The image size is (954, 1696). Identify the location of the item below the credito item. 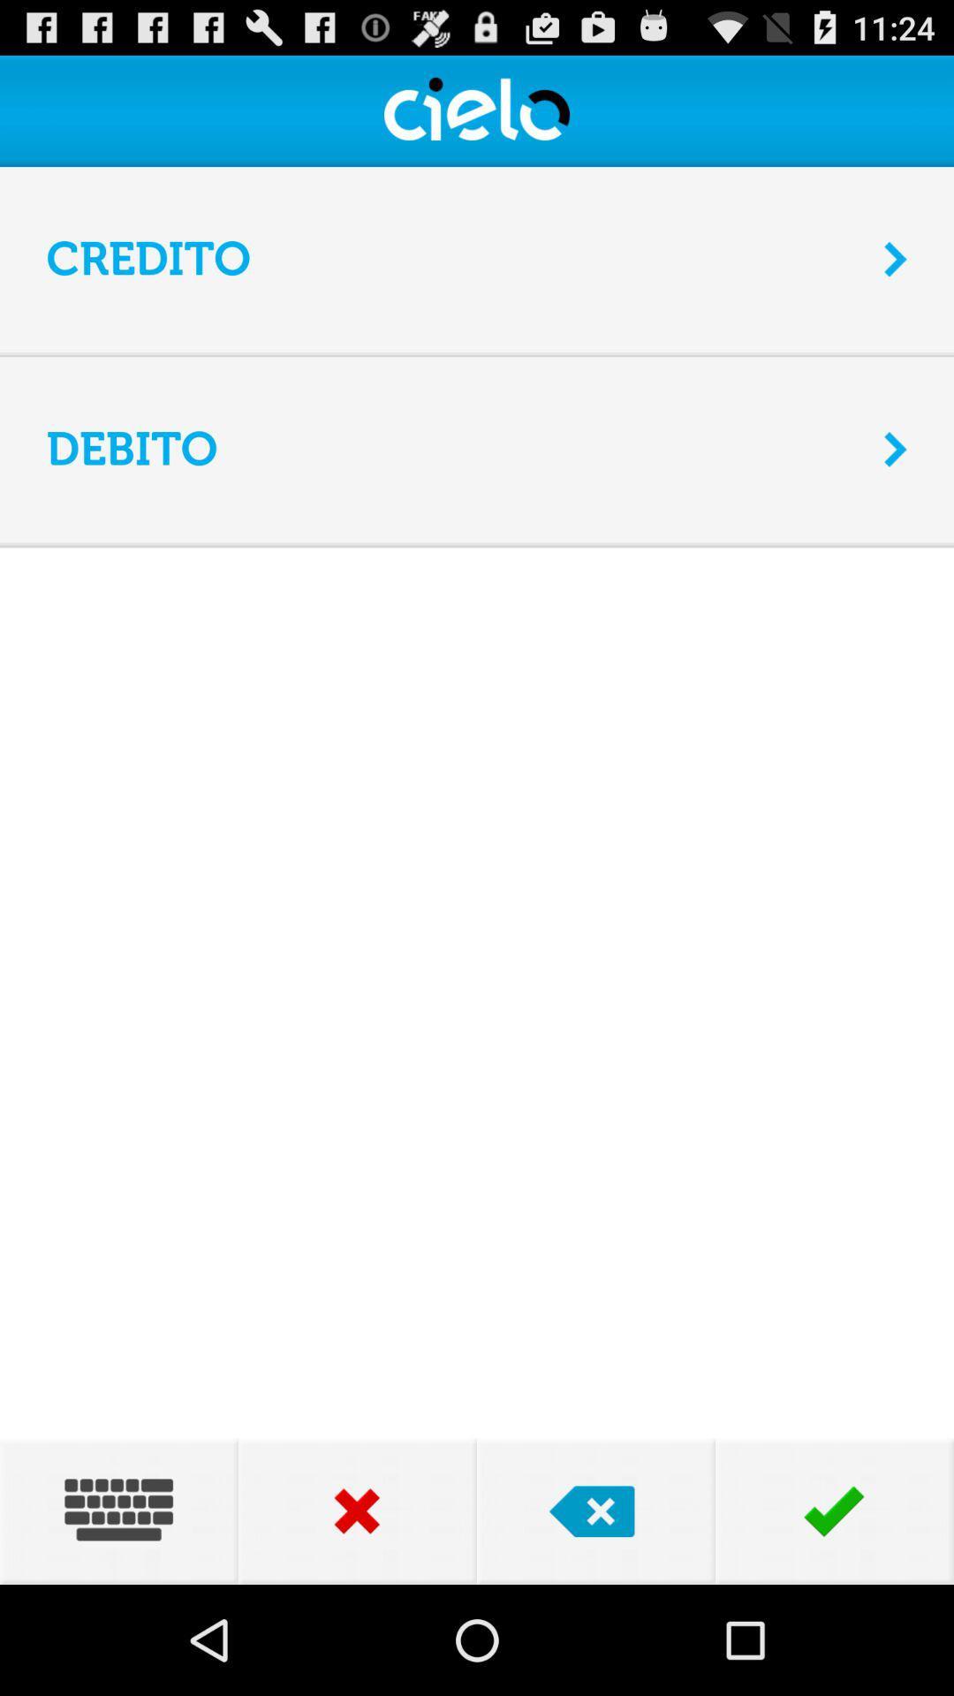
(477, 353).